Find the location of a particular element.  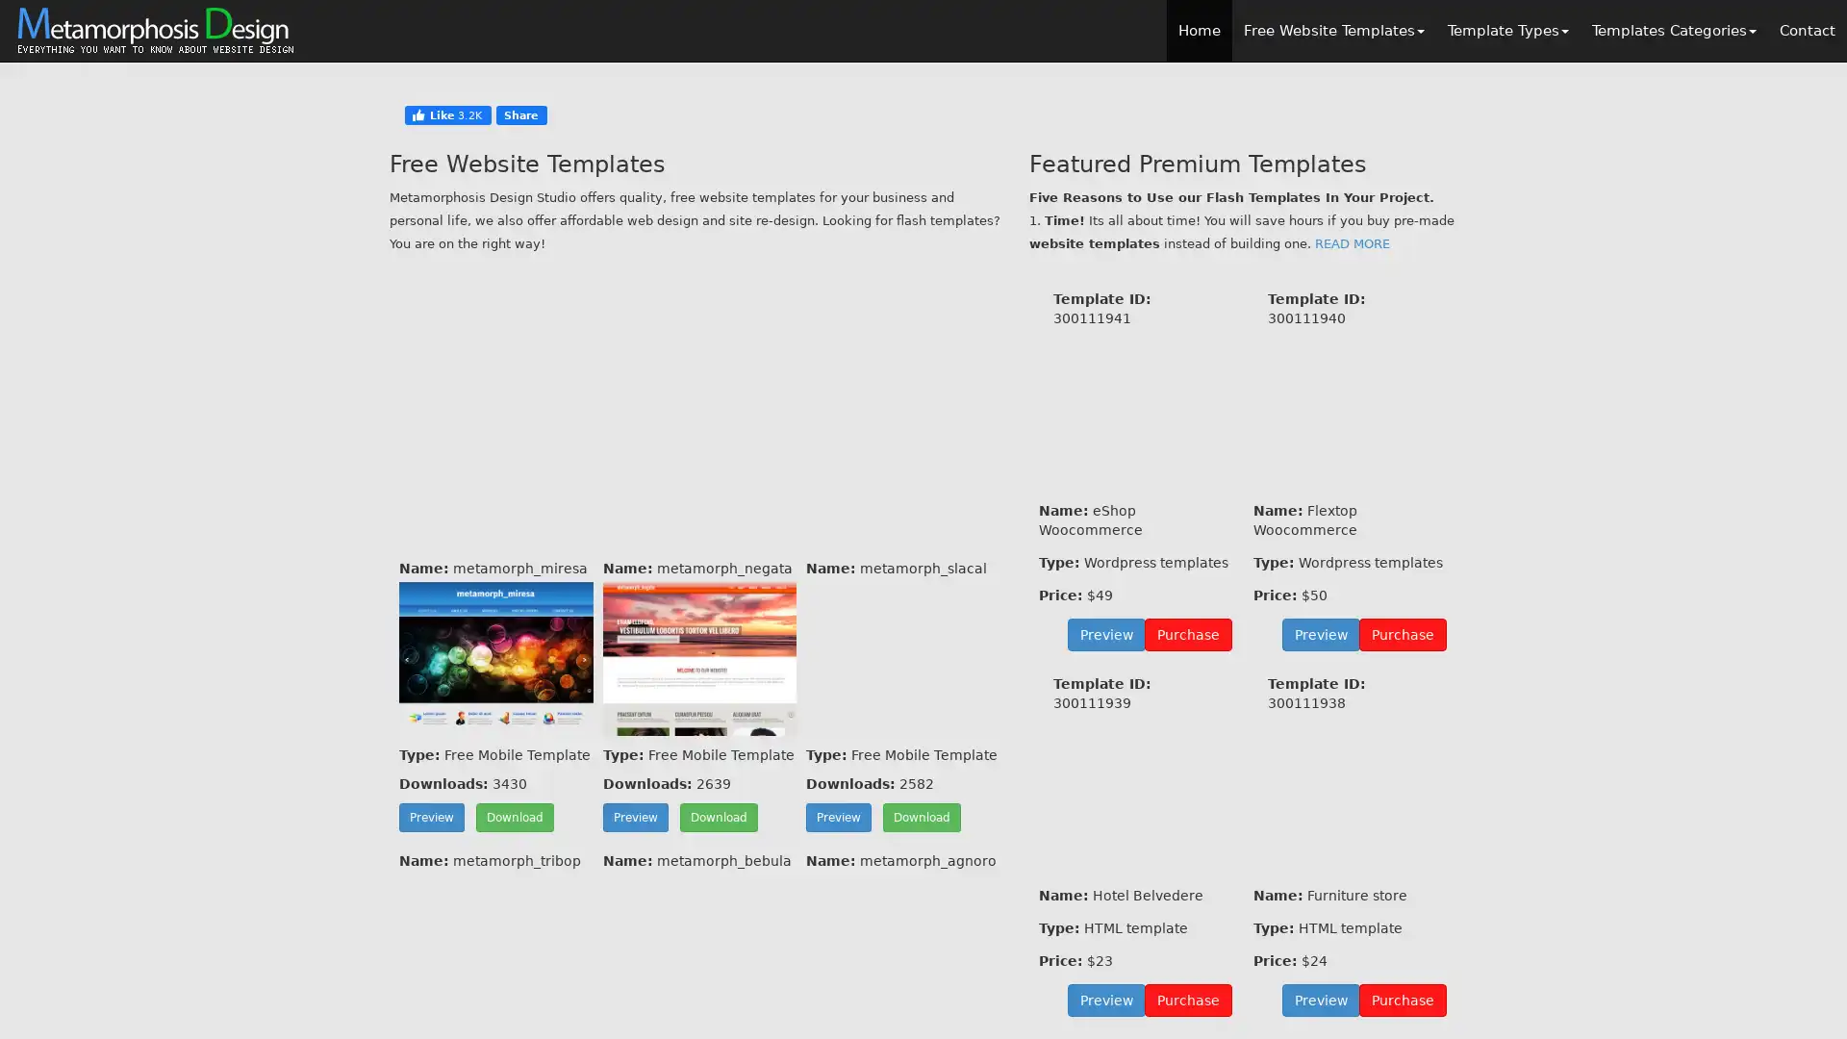

Purchase is located at coordinates (1187, 634).